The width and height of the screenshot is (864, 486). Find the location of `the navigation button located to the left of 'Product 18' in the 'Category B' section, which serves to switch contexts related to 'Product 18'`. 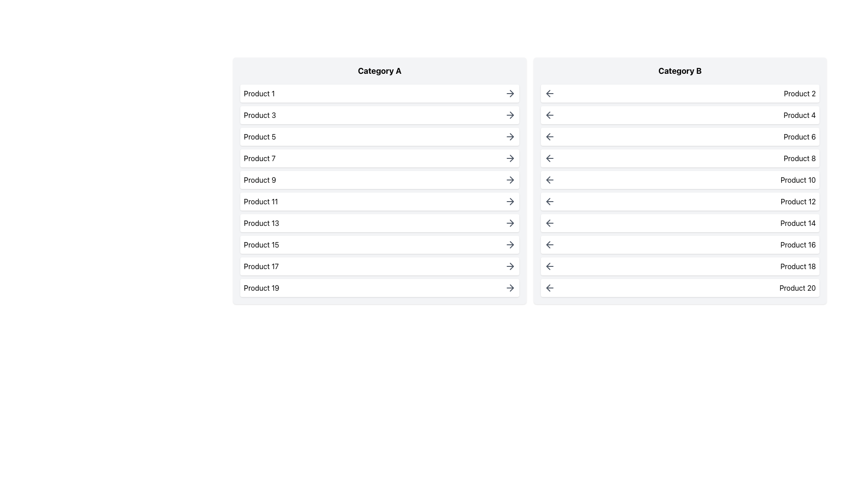

the navigation button located to the left of 'Product 18' in the 'Category B' section, which serves to switch contexts related to 'Product 18' is located at coordinates (549, 265).